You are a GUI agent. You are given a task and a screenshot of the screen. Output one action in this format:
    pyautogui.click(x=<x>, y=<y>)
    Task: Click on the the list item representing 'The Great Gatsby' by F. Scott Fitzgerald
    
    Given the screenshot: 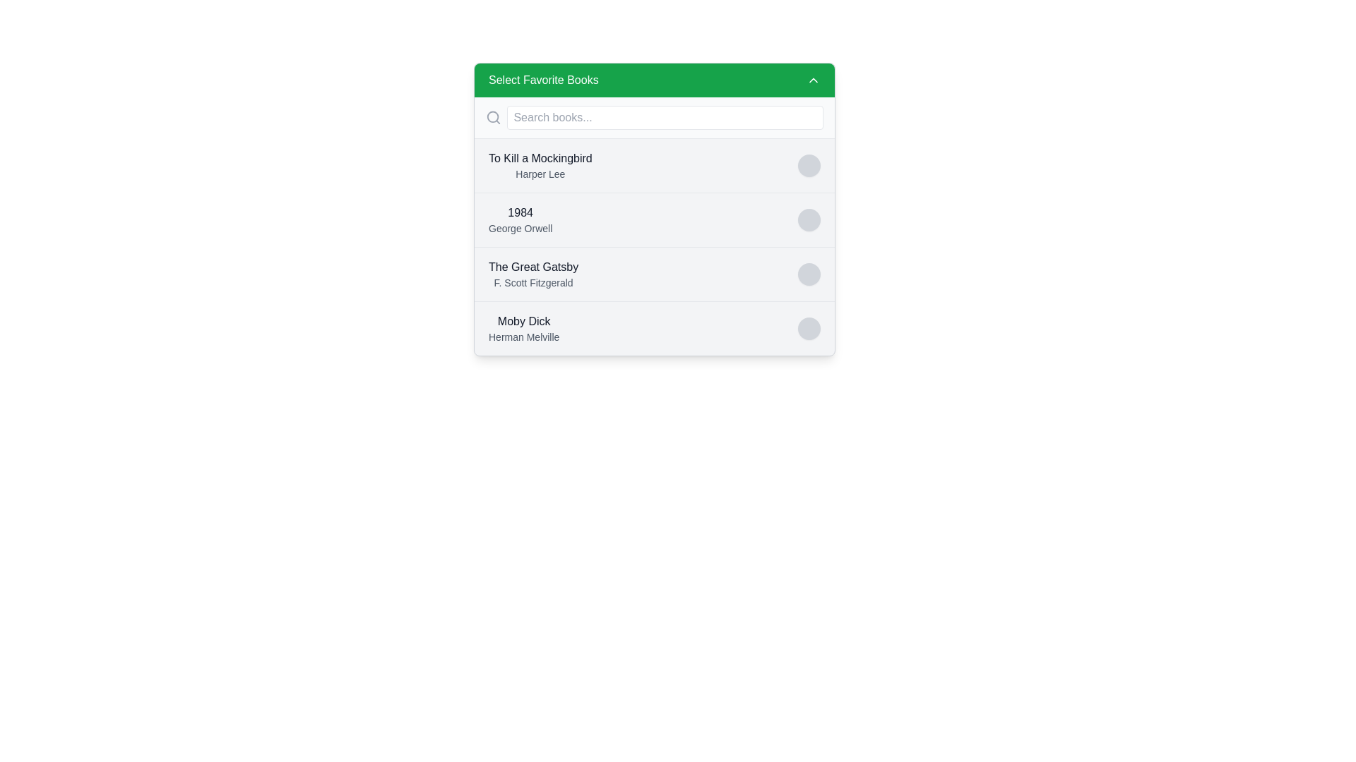 What is the action you would take?
    pyautogui.click(x=653, y=274)
    